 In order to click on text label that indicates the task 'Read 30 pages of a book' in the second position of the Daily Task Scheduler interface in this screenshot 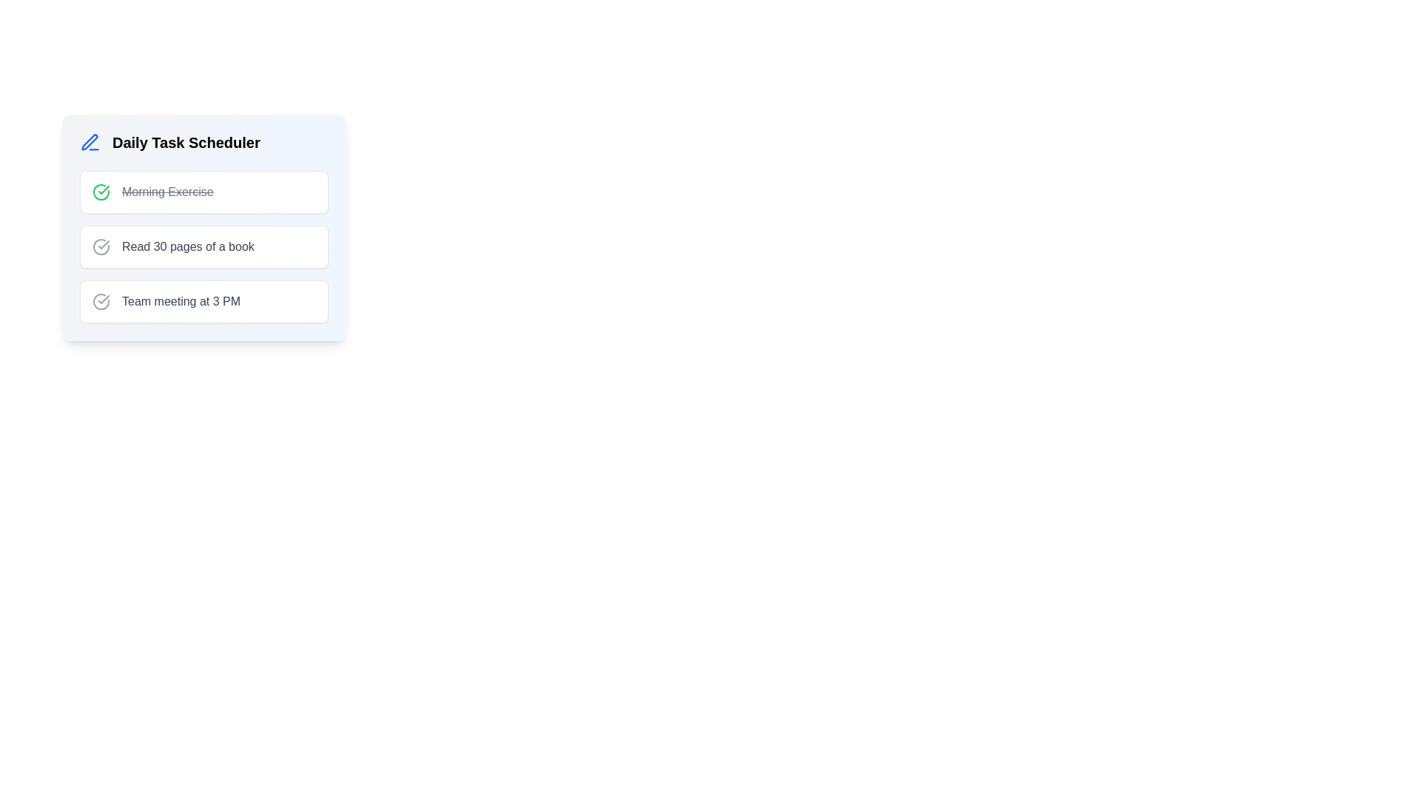, I will do `click(187, 246)`.